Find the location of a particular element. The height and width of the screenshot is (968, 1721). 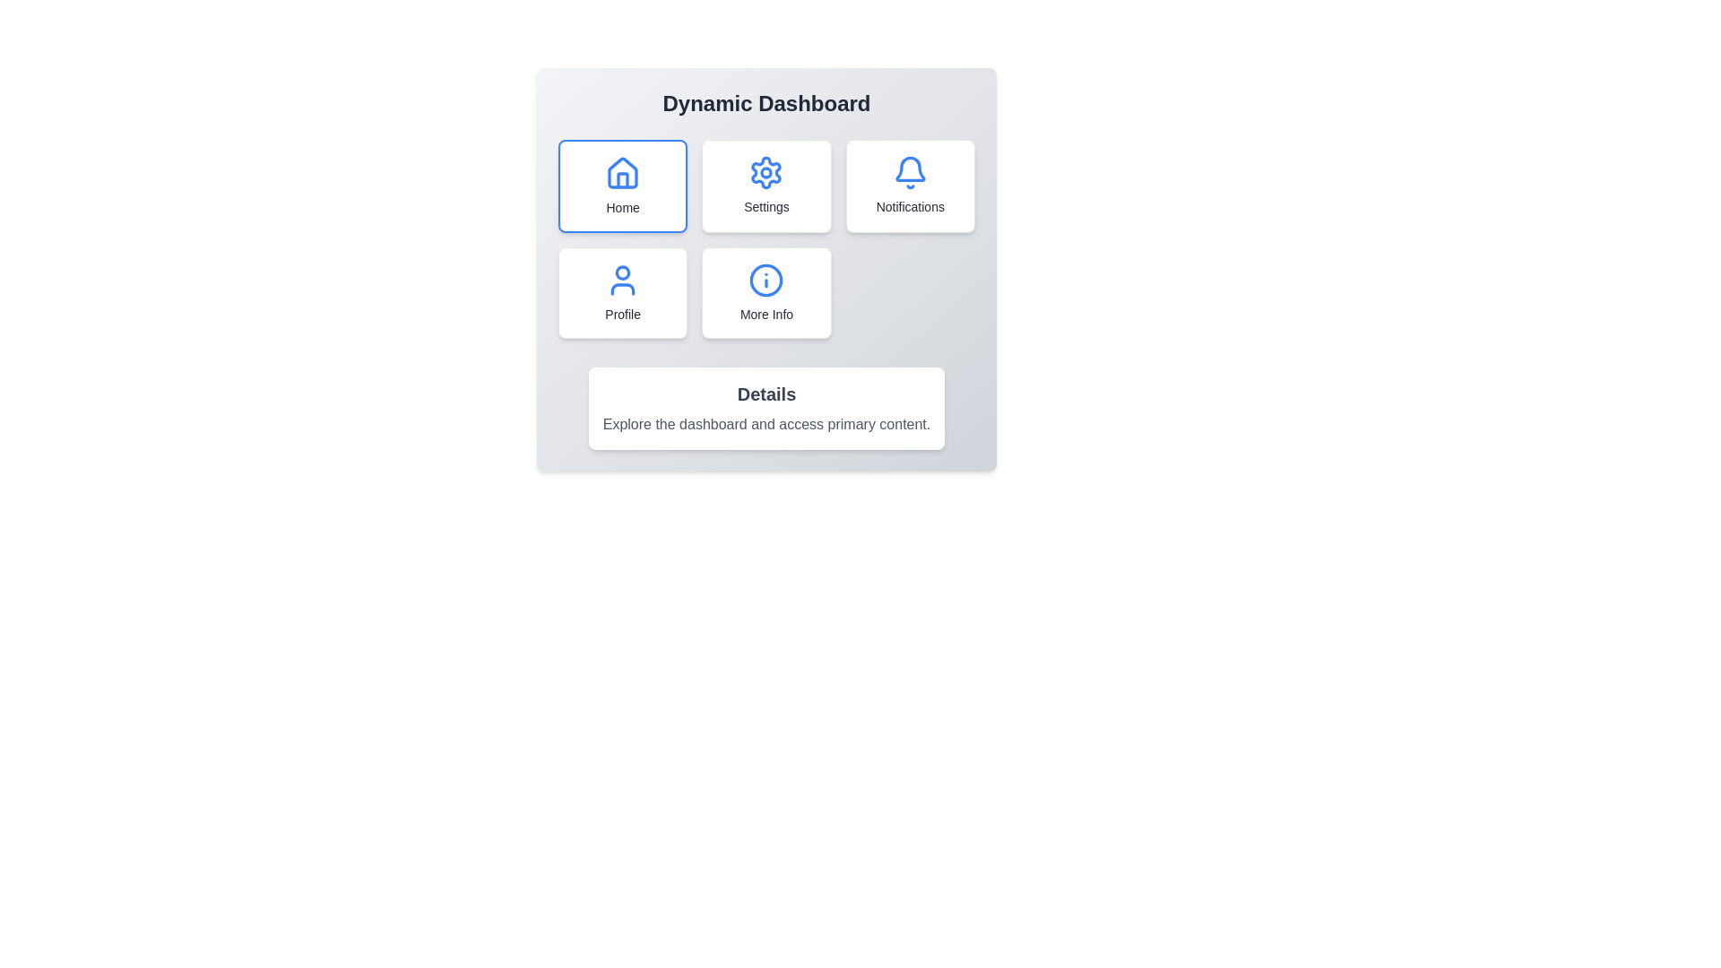

the circular 'info' icon with a blue border and white background, which is part of the 'More Info' button located in the second row and third column of the button grid is located at coordinates (766, 280).